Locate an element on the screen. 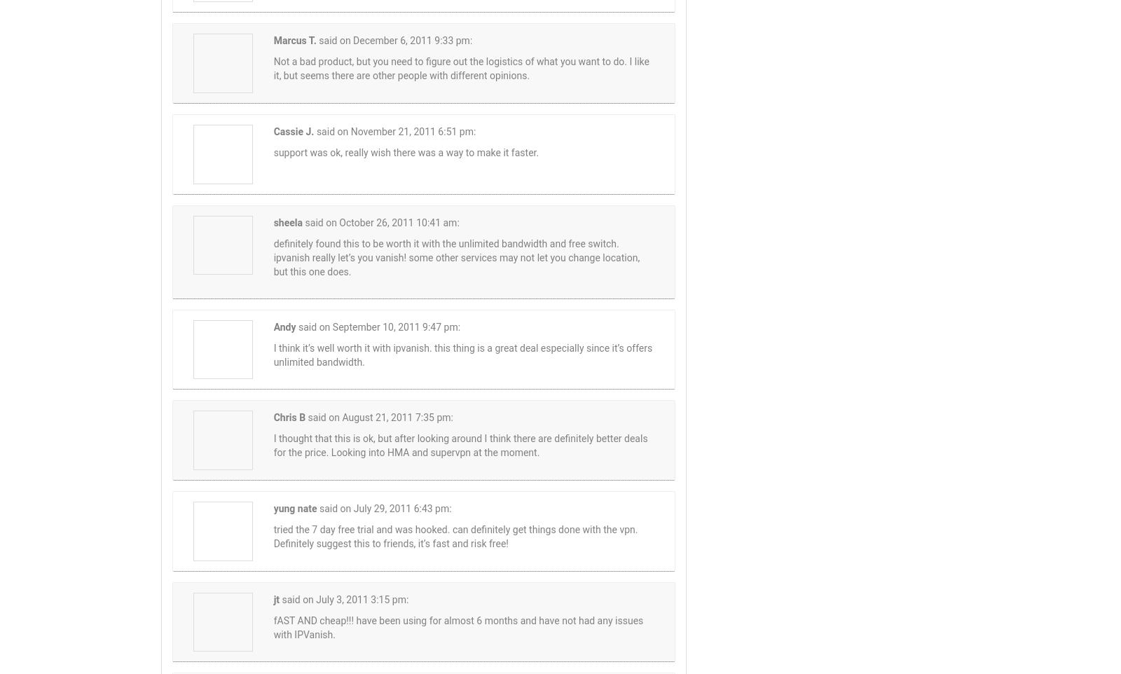  'said on November 21, 2011 6:51 pm:' is located at coordinates (394, 131).